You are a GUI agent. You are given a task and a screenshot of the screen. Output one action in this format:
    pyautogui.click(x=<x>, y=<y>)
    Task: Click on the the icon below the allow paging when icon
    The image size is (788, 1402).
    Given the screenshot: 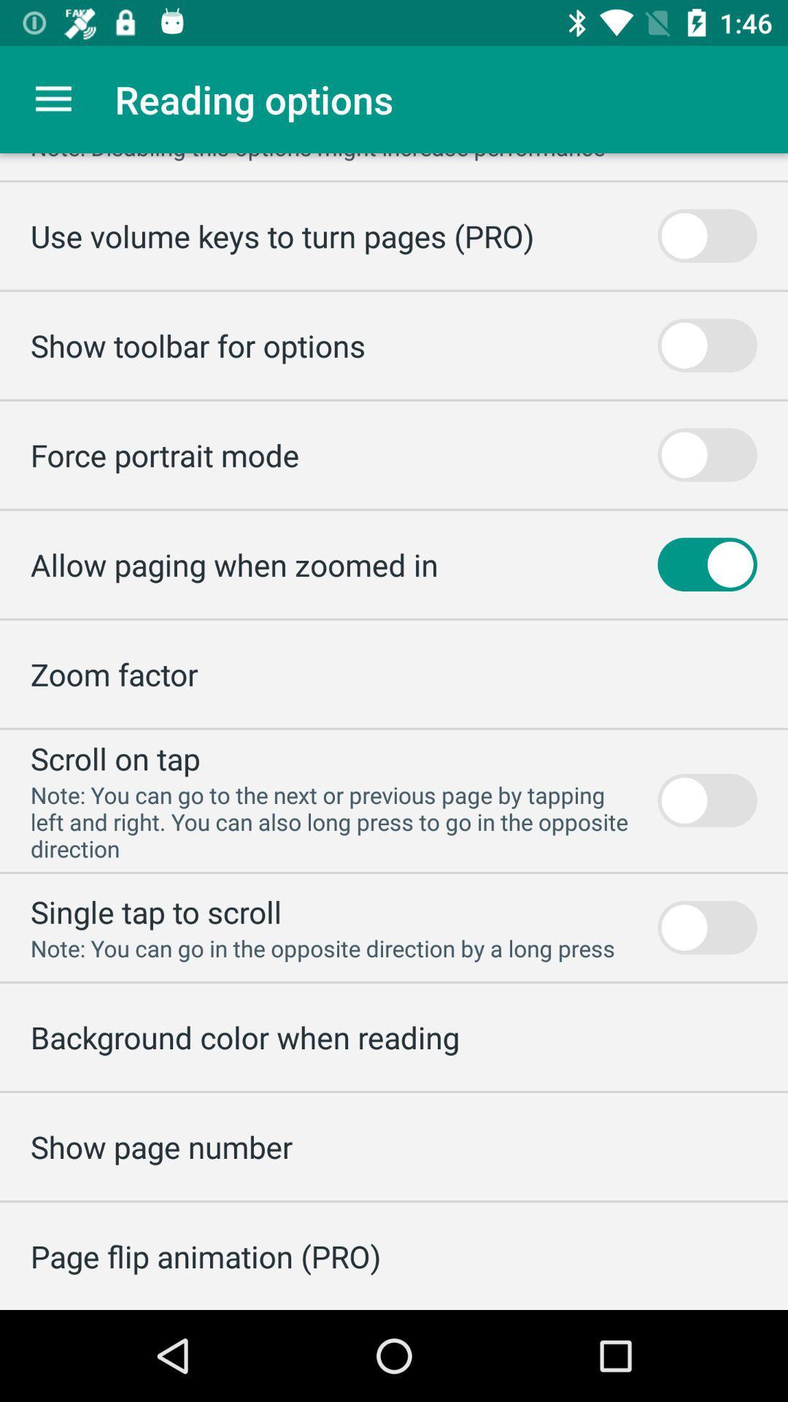 What is the action you would take?
    pyautogui.click(x=113, y=673)
    